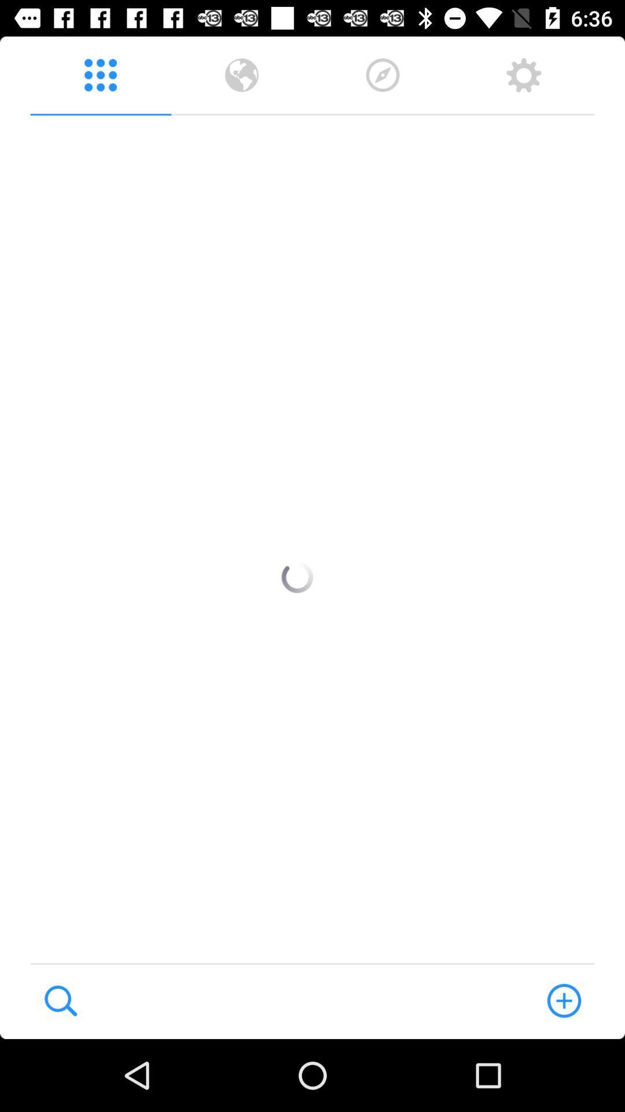  What do you see at coordinates (564, 1000) in the screenshot?
I see `the icon at the bottom right corner` at bounding box center [564, 1000].